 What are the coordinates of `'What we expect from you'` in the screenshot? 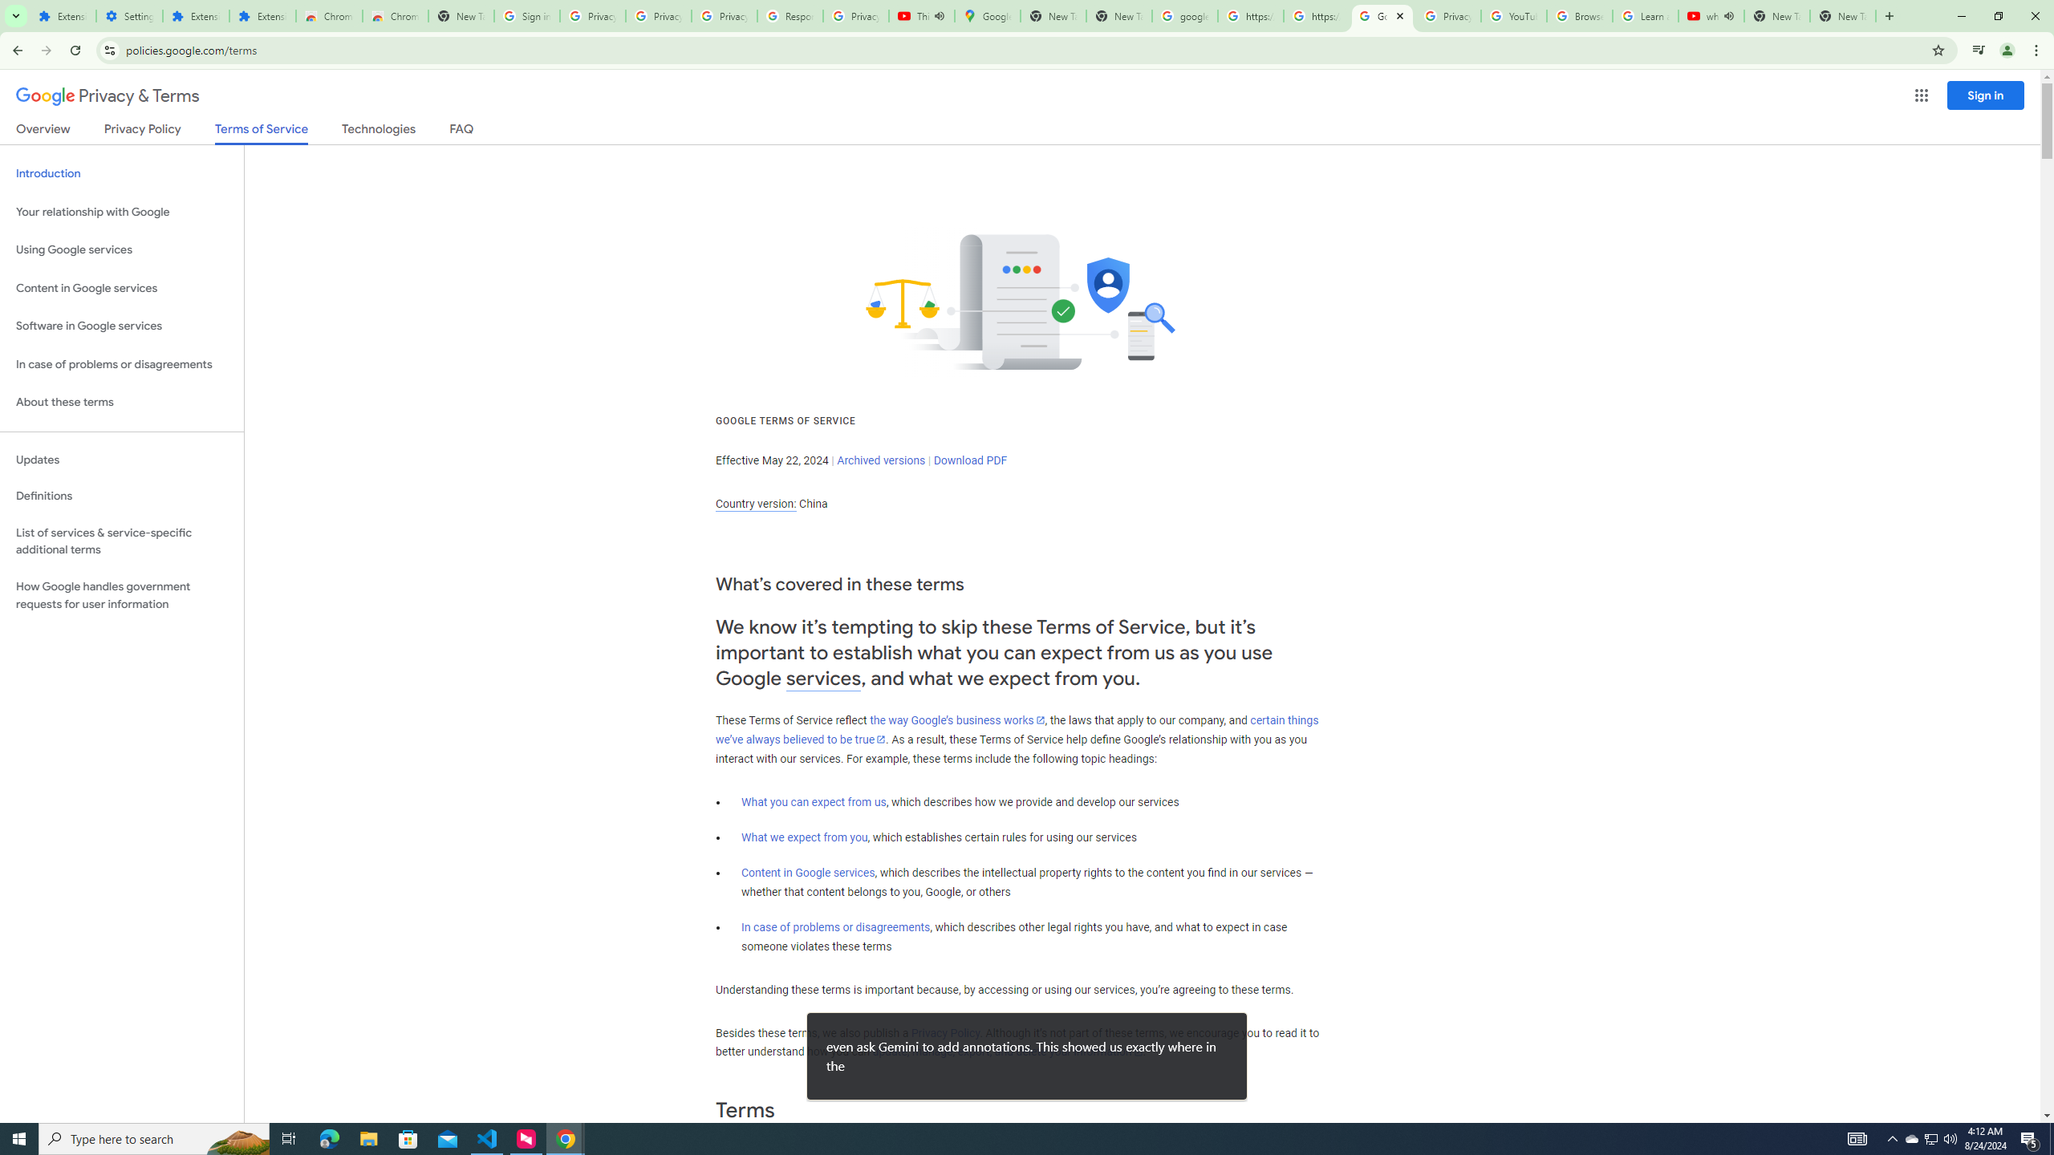 It's located at (804, 837).